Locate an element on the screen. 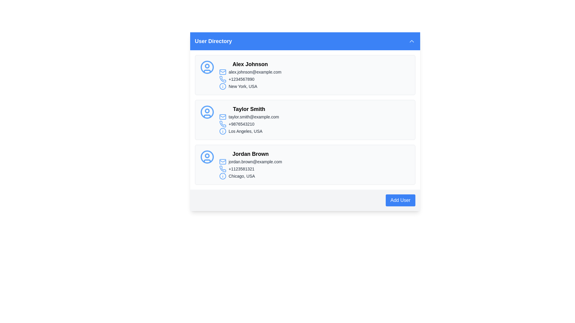 The image size is (575, 323). the SVG graphic segment of the envelope icon associated with the user 'Alex Johnson' in the User Directory panel is located at coordinates (222, 71).